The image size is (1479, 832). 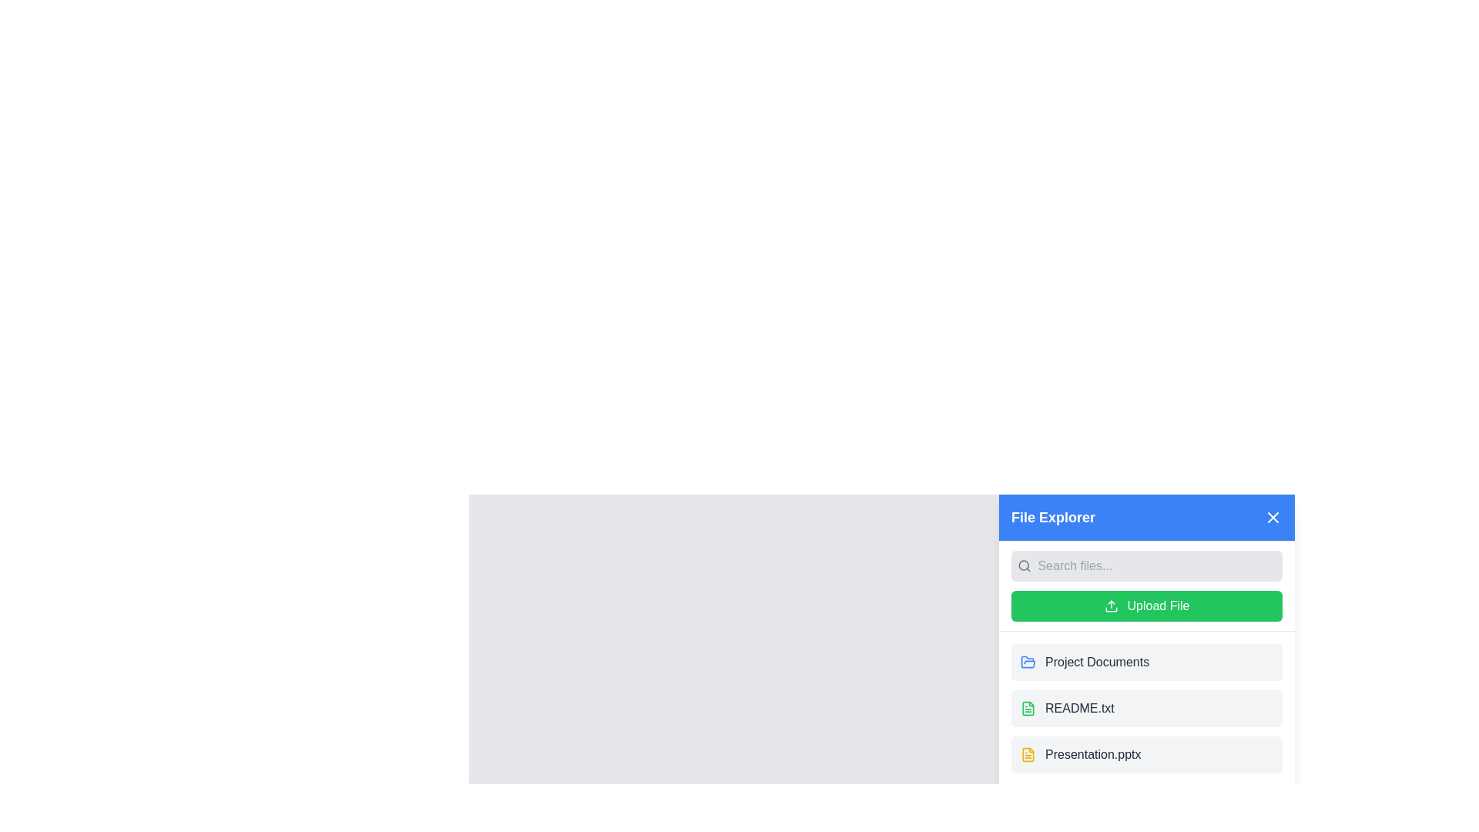 What do you see at coordinates (1052, 517) in the screenshot?
I see `the text label that serves as the title for the content section, positioned in the top-left corner of the header bar` at bounding box center [1052, 517].